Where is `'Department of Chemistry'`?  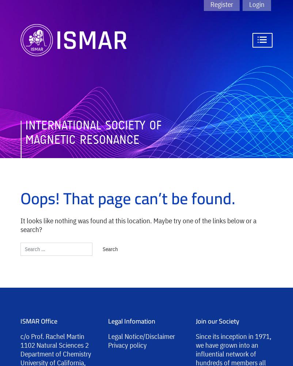 'Department of Chemistry' is located at coordinates (56, 353).